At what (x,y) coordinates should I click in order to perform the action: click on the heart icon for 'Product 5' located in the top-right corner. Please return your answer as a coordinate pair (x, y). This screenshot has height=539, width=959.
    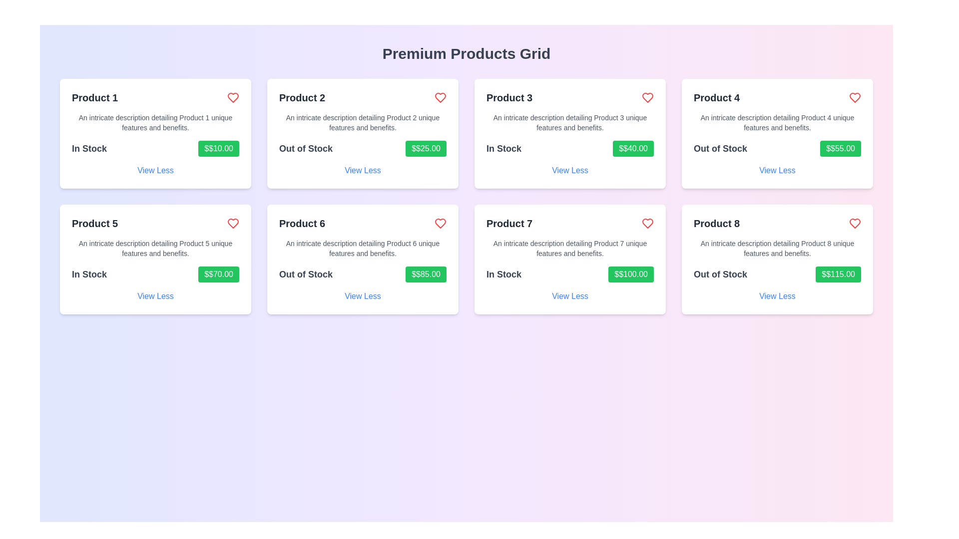
    Looking at the image, I should click on (232, 98).